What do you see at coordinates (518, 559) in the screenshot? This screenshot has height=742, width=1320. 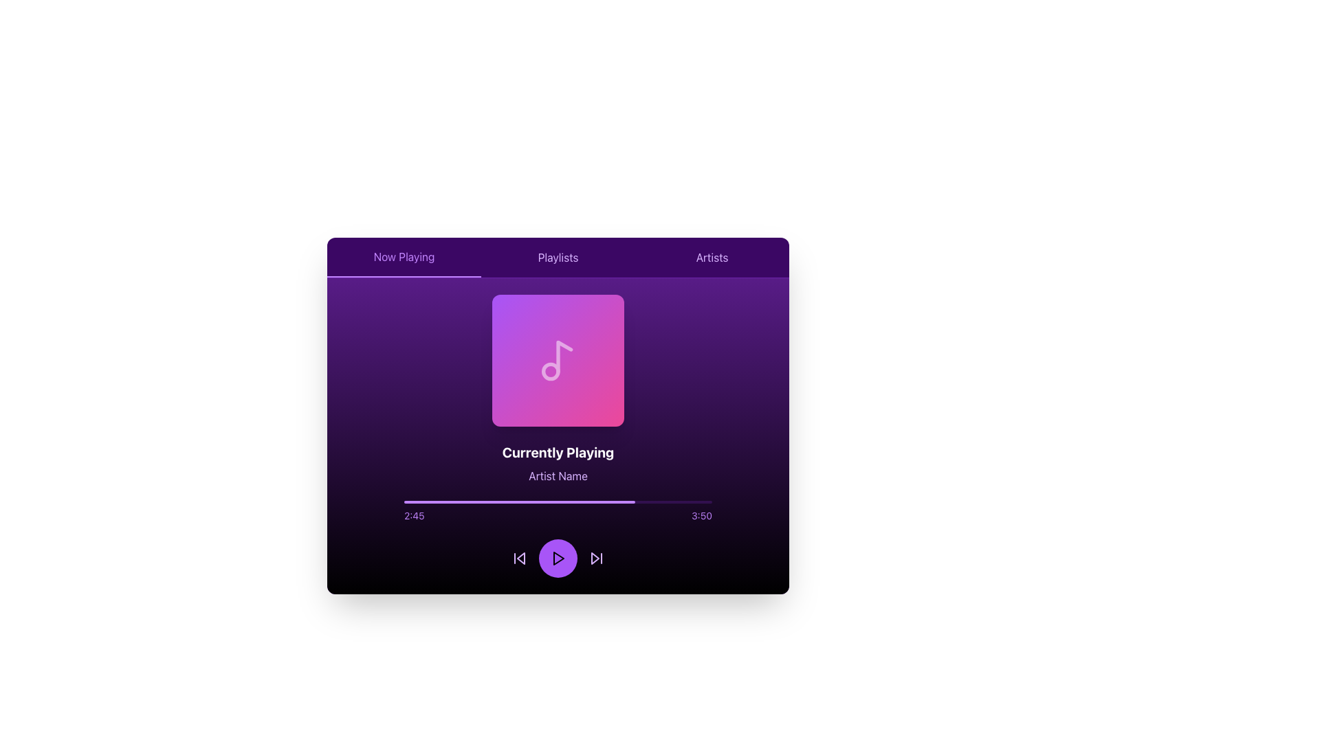 I see `the skip backward button located at the bottom-left of the control bar, the first among three buttons including play and skip-forward buttons to skip back` at bounding box center [518, 559].